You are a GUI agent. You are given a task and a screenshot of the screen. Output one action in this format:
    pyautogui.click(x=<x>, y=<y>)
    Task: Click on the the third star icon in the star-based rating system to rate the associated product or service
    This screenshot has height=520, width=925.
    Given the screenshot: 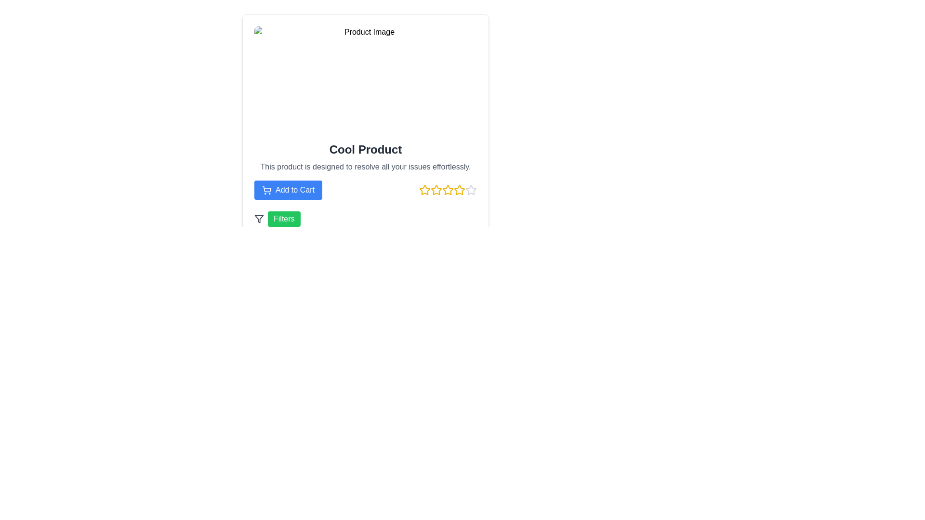 What is the action you would take?
    pyautogui.click(x=448, y=190)
    